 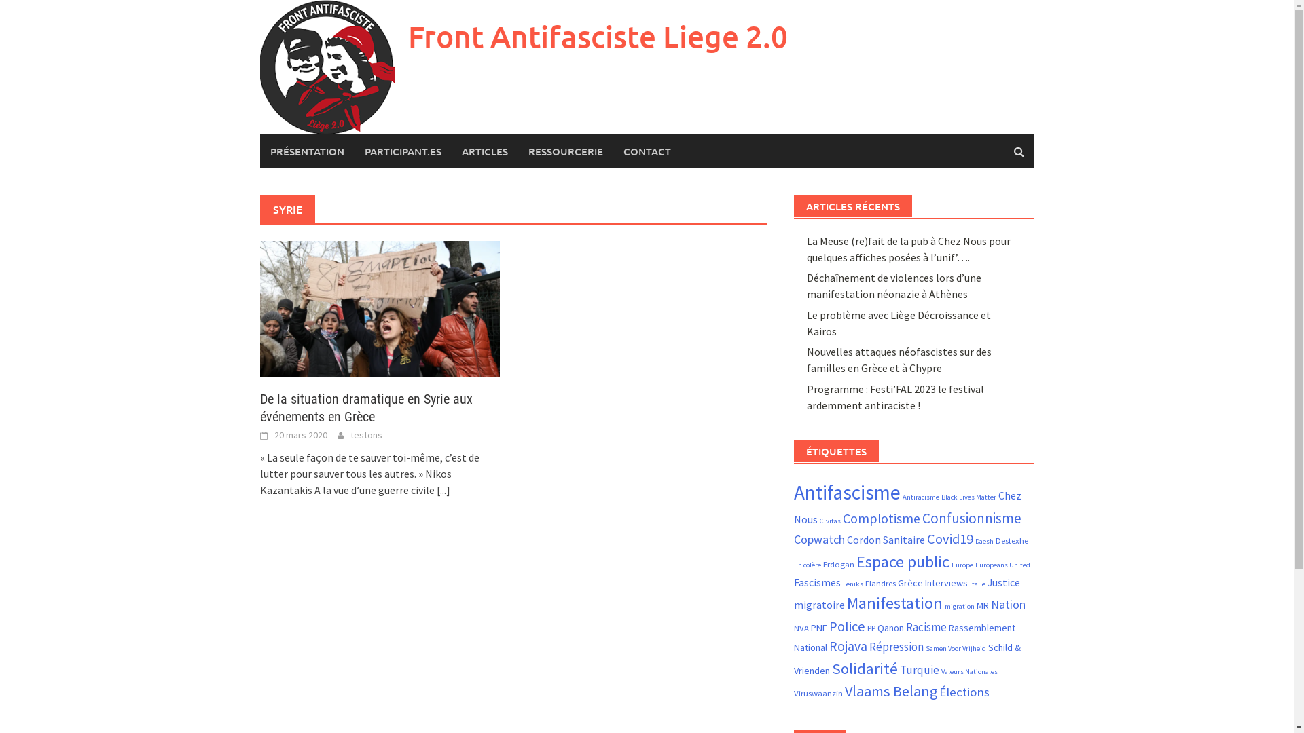 What do you see at coordinates (949, 538) in the screenshot?
I see `'Covid19'` at bounding box center [949, 538].